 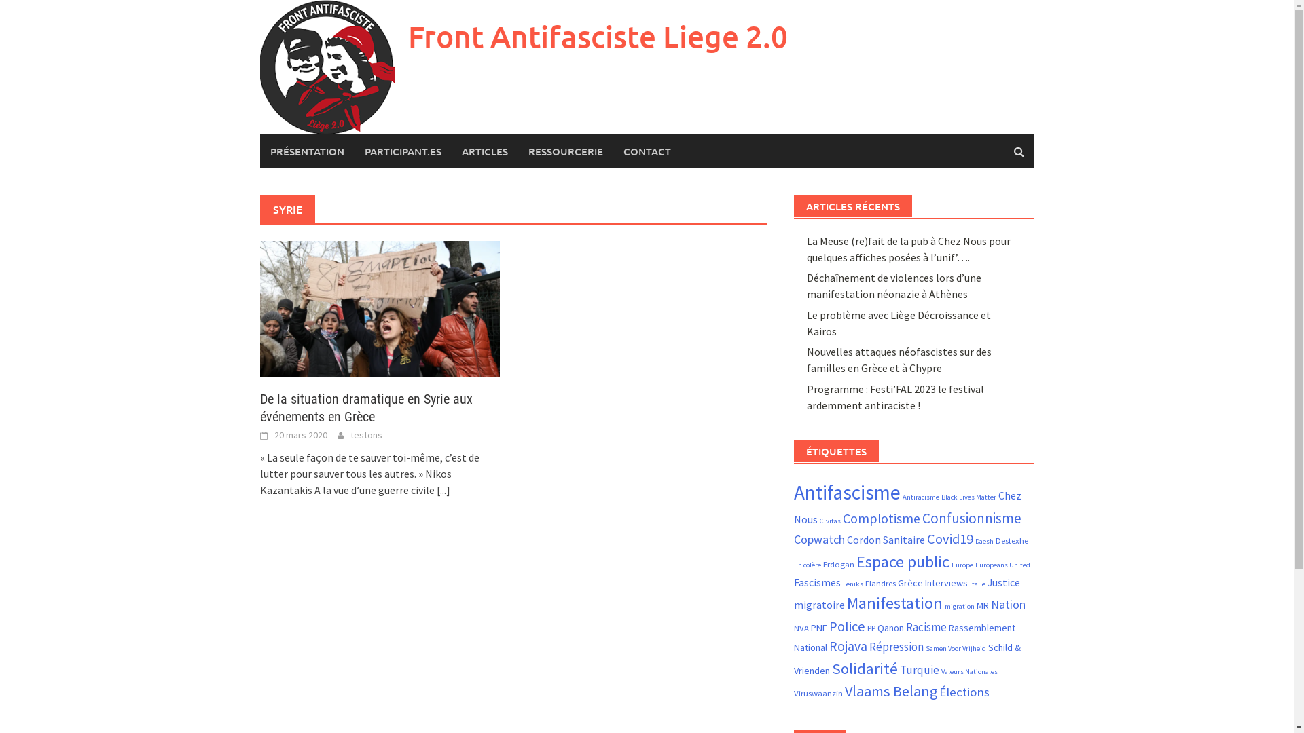 What do you see at coordinates (949, 538) in the screenshot?
I see `'Covid19'` at bounding box center [949, 538].